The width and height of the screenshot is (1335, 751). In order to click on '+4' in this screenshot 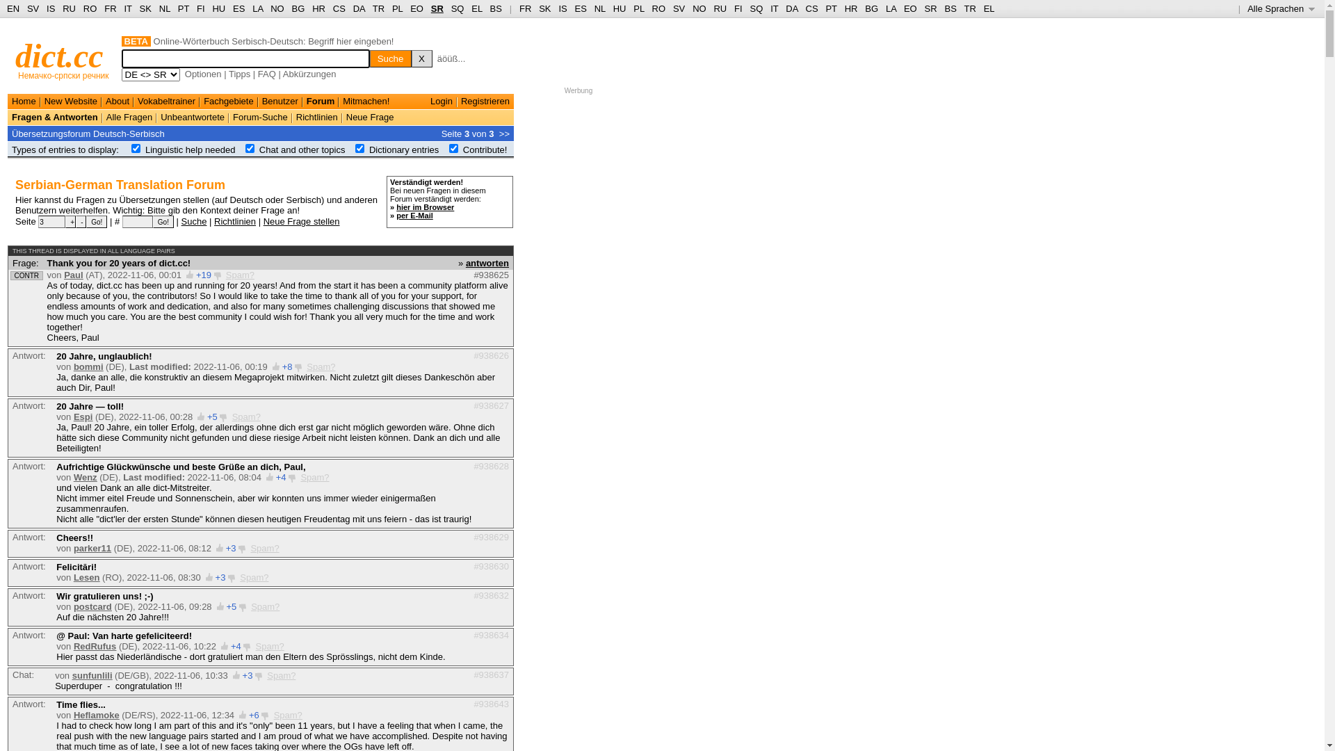, I will do `click(276, 476)`.